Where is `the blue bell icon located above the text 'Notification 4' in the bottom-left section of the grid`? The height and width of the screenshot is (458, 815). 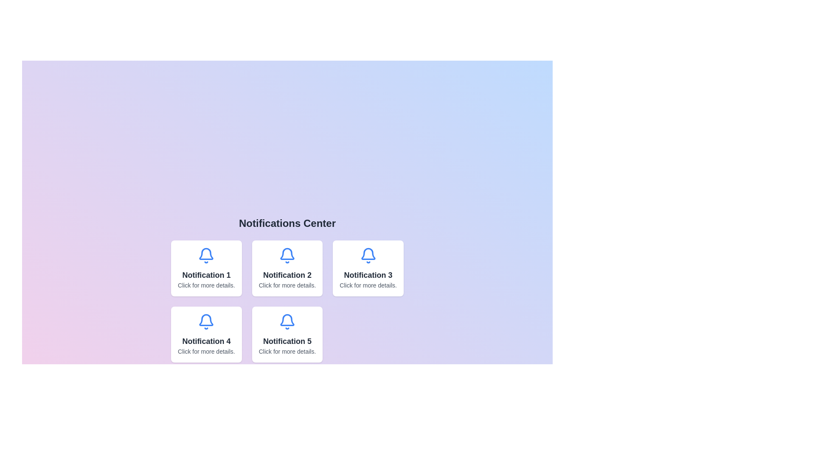 the blue bell icon located above the text 'Notification 4' in the bottom-left section of the grid is located at coordinates (206, 320).